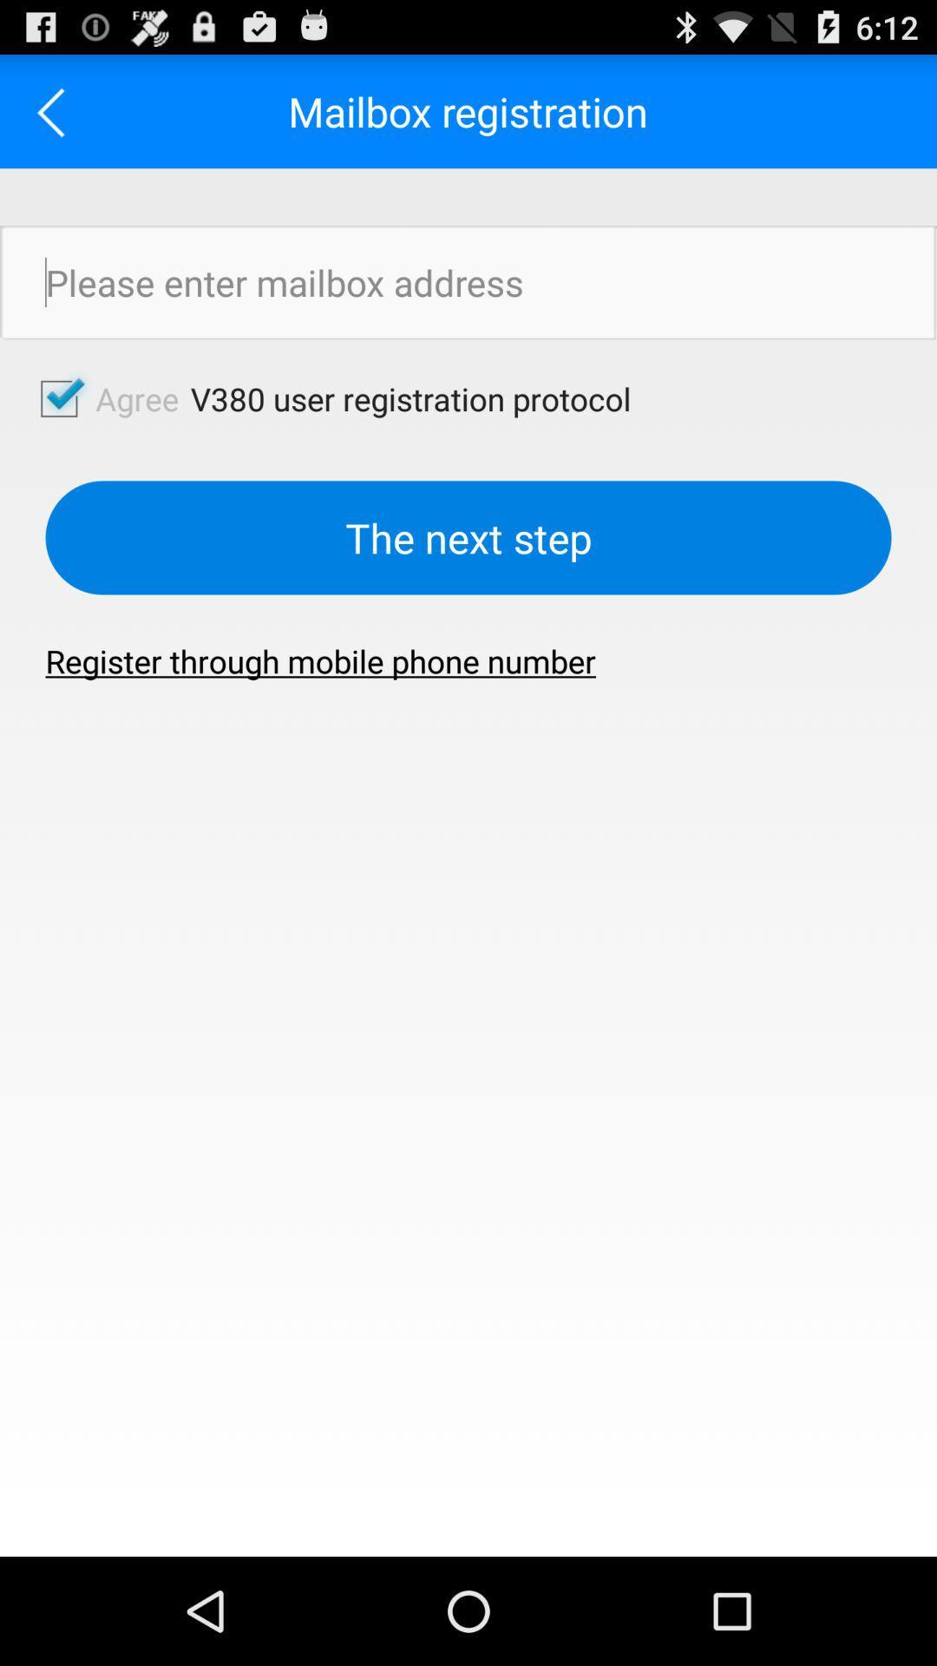 This screenshot has height=1666, width=937. I want to click on the item to the left of mailbox registration app, so click(56, 110).